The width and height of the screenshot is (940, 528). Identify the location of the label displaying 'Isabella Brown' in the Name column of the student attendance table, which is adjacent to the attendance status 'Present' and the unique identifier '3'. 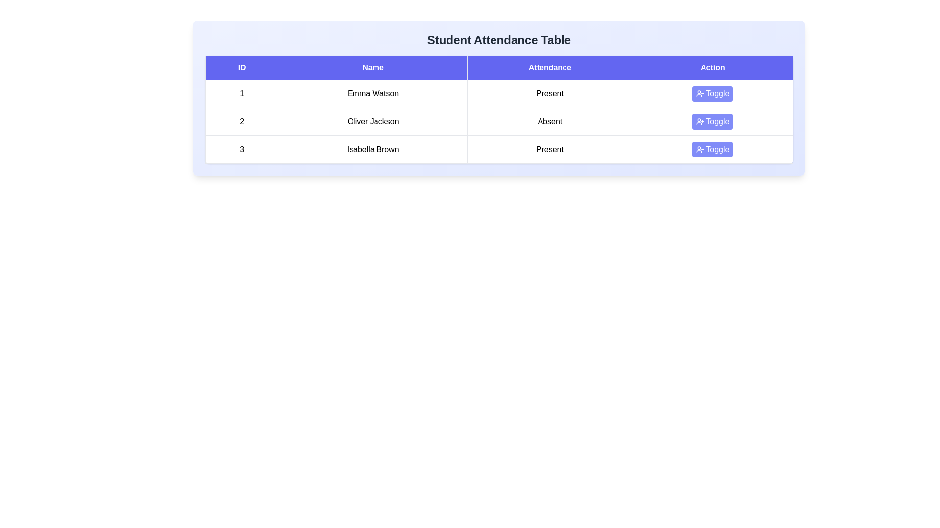
(373, 149).